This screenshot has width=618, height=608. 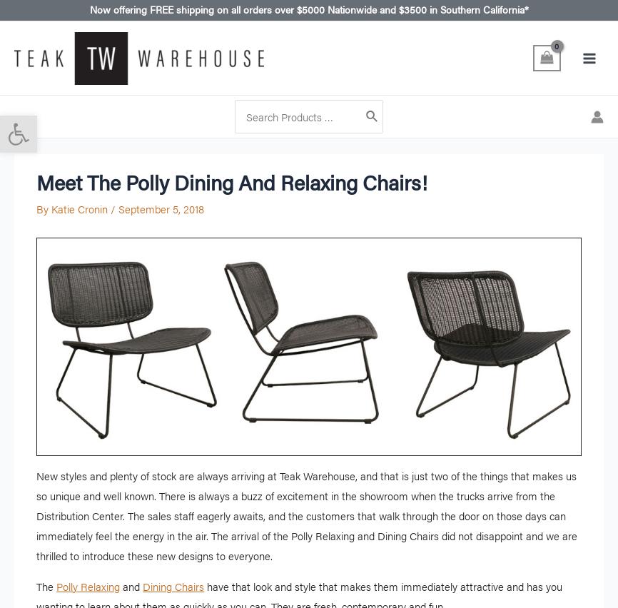 What do you see at coordinates (172, 585) in the screenshot?
I see `'Dining Chairs'` at bounding box center [172, 585].